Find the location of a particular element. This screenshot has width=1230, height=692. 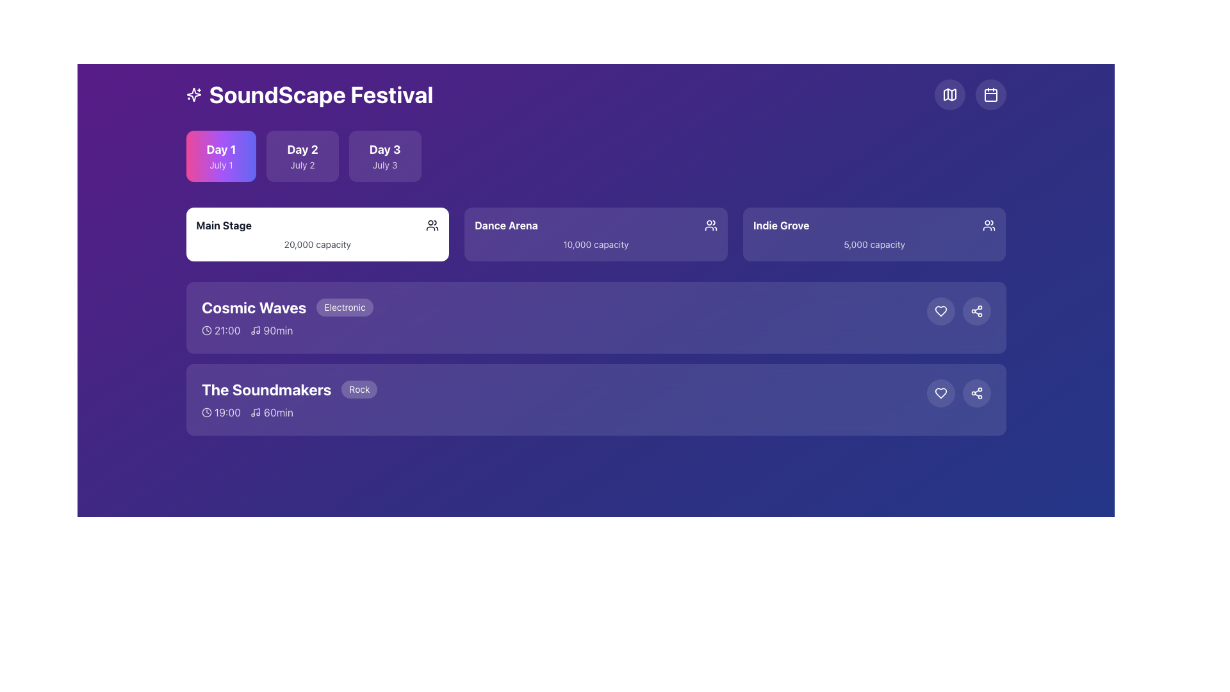

the small icon representing group or users' appearance, which is styled as an outline with a transparent fill and white stroke, located at the far right inside the 'Indie Grove' section next to the '5,000 capacity' text is located at coordinates (988, 224).